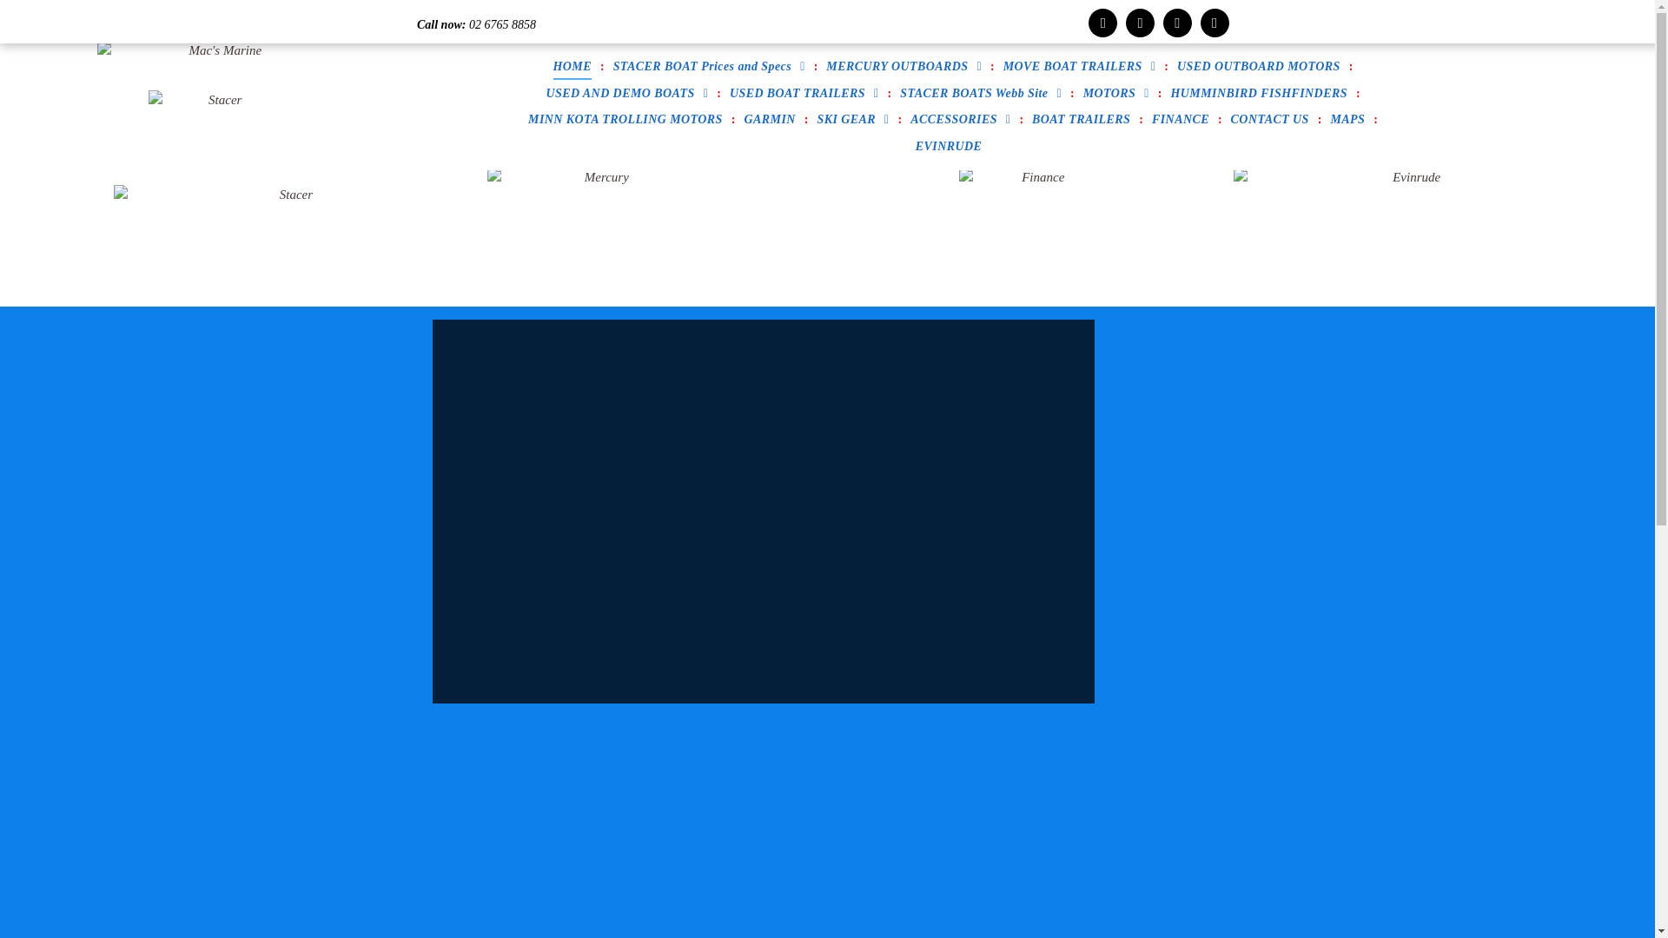 The image size is (1668, 938). I want to click on 'FINANCE', so click(1180, 119).